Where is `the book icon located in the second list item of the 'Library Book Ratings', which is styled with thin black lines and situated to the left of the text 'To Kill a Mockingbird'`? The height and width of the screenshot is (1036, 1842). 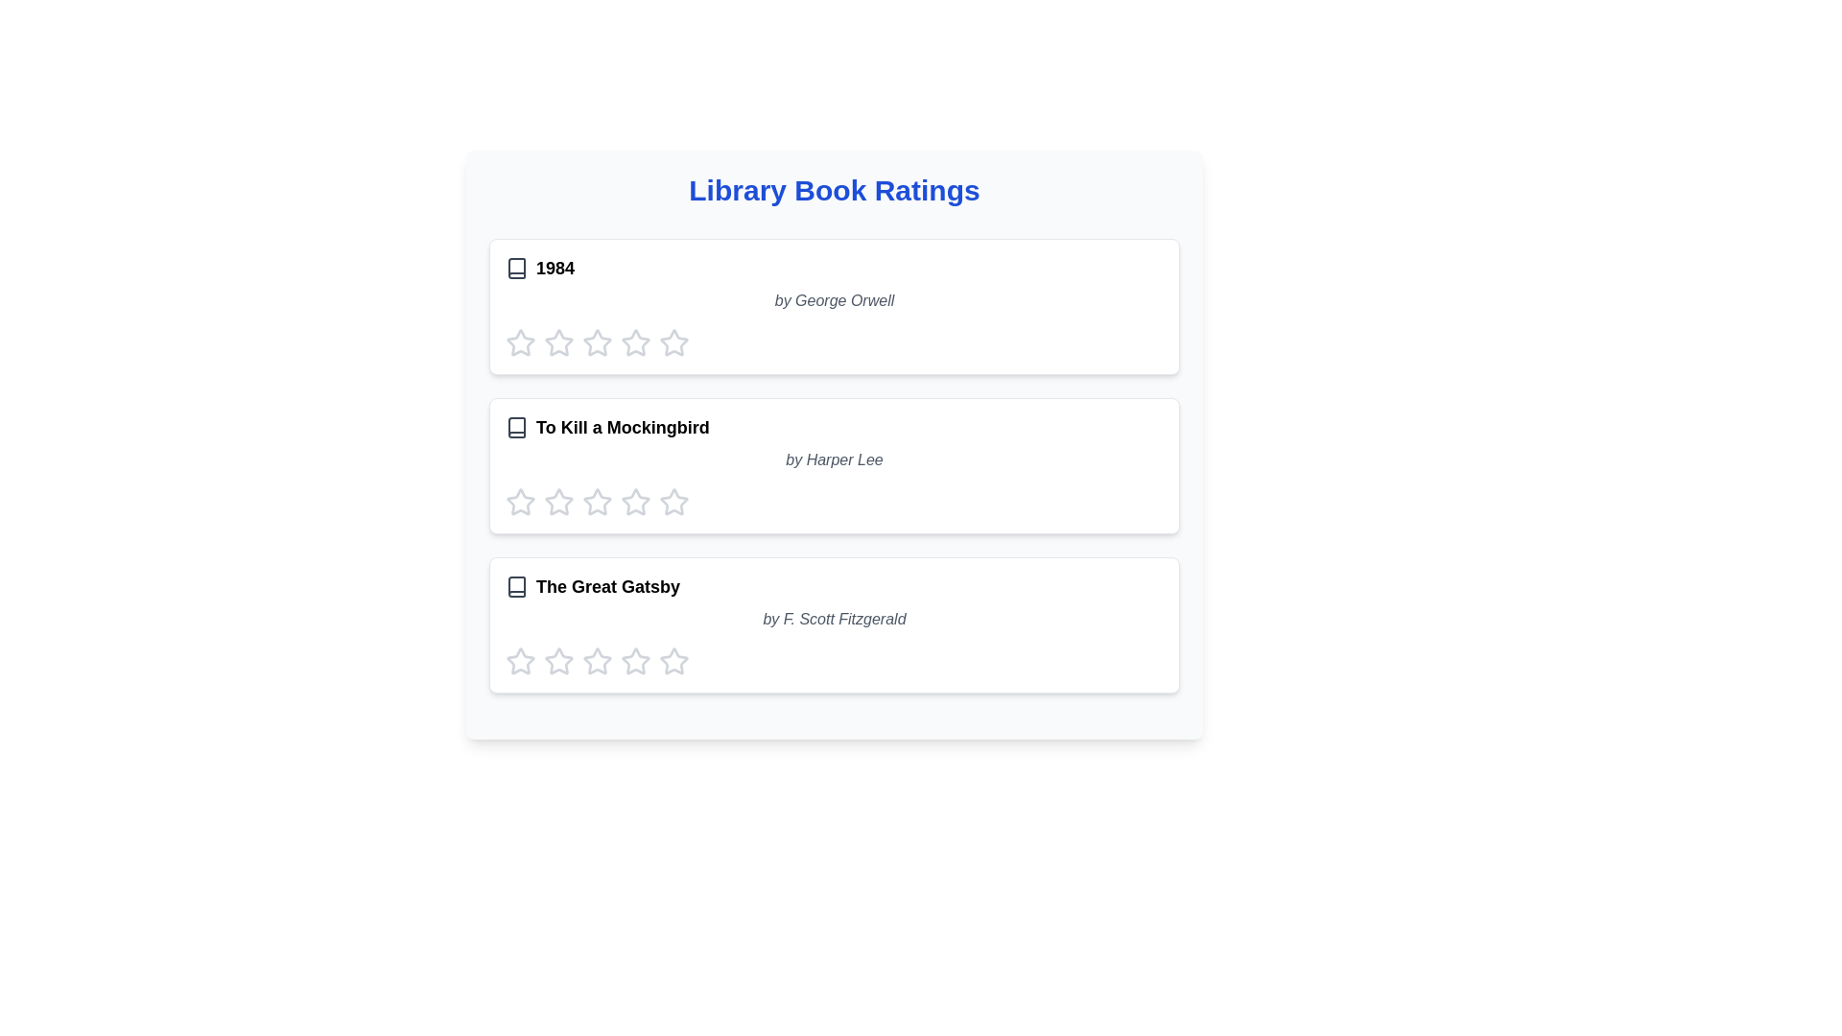
the book icon located in the second list item of the 'Library Book Ratings', which is styled with thin black lines and situated to the left of the text 'To Kill a Mockingbird' is located at coordinates (516, 427).